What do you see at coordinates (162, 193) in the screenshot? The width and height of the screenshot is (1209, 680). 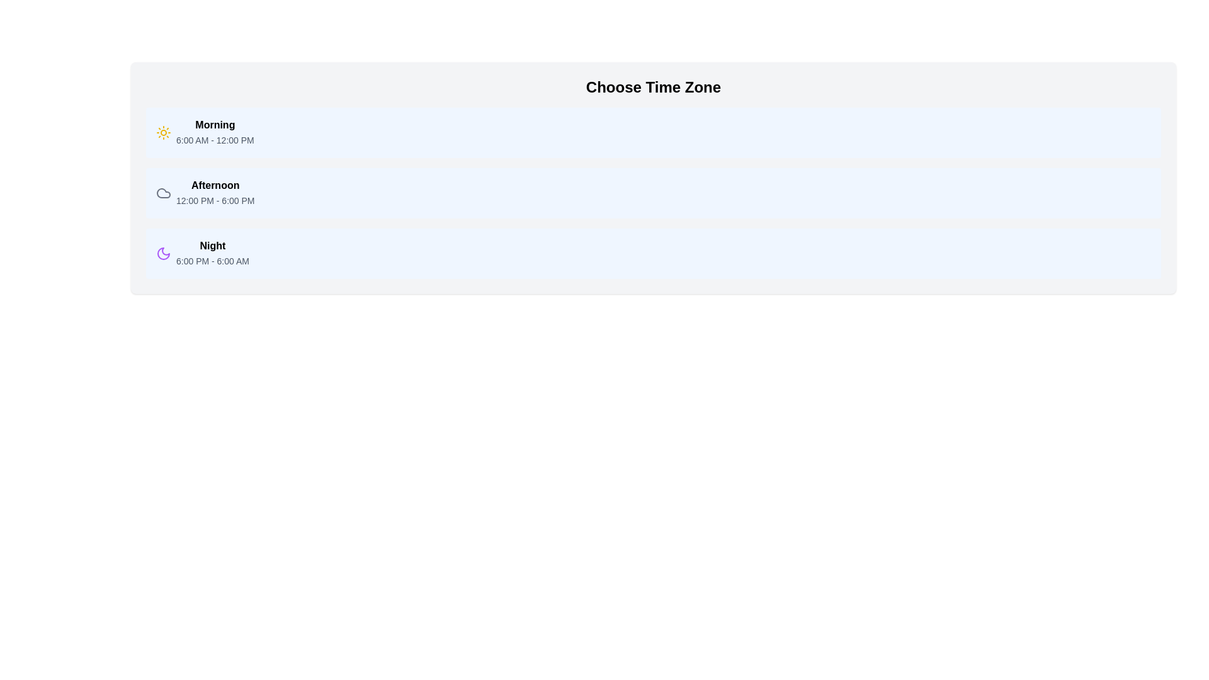 I see `the 'Afternoon' icon located to the left of the text content in the 'Afternoon 12:00 PM - 6:00 PM' card` at bounding box center [162, 193].